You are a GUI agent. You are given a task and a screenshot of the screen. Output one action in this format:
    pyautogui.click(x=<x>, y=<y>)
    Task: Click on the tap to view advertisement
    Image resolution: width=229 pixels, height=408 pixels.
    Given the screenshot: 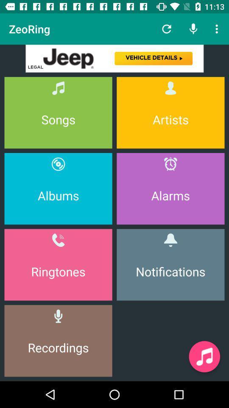 What is the action you would take?
    pyautogui.click(x=114, y=58)
    